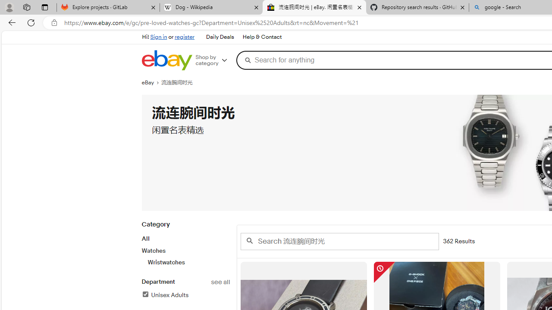  I want to click on 'All', so click(145, 239).